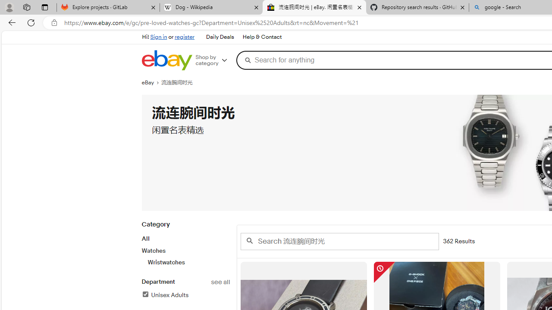  I want to click on 'All', so click(145, 239).